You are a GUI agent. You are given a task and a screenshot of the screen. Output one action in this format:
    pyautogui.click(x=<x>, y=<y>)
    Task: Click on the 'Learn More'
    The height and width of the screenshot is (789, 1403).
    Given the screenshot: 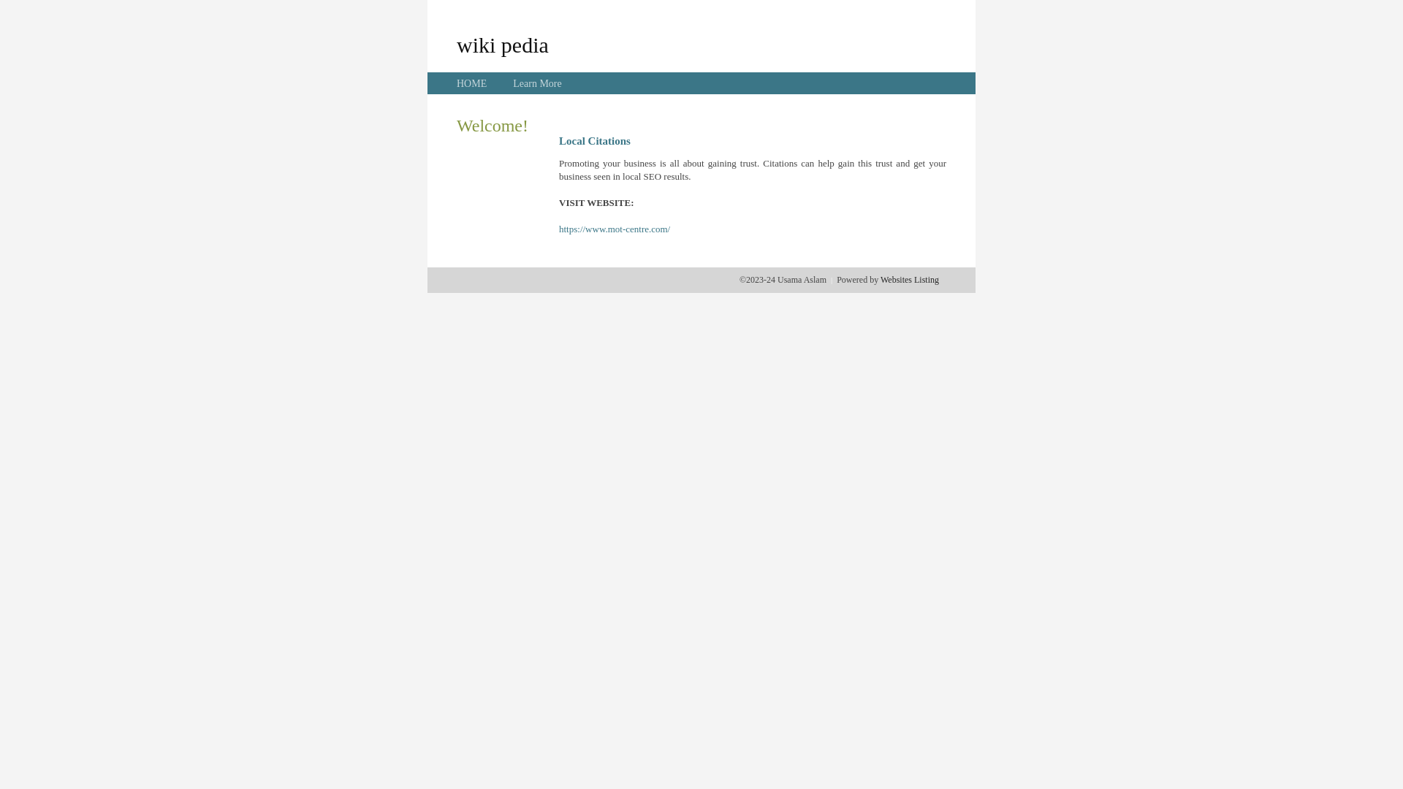 What is the action you would take?
    pyautogui.click(x=536, y=83)
    